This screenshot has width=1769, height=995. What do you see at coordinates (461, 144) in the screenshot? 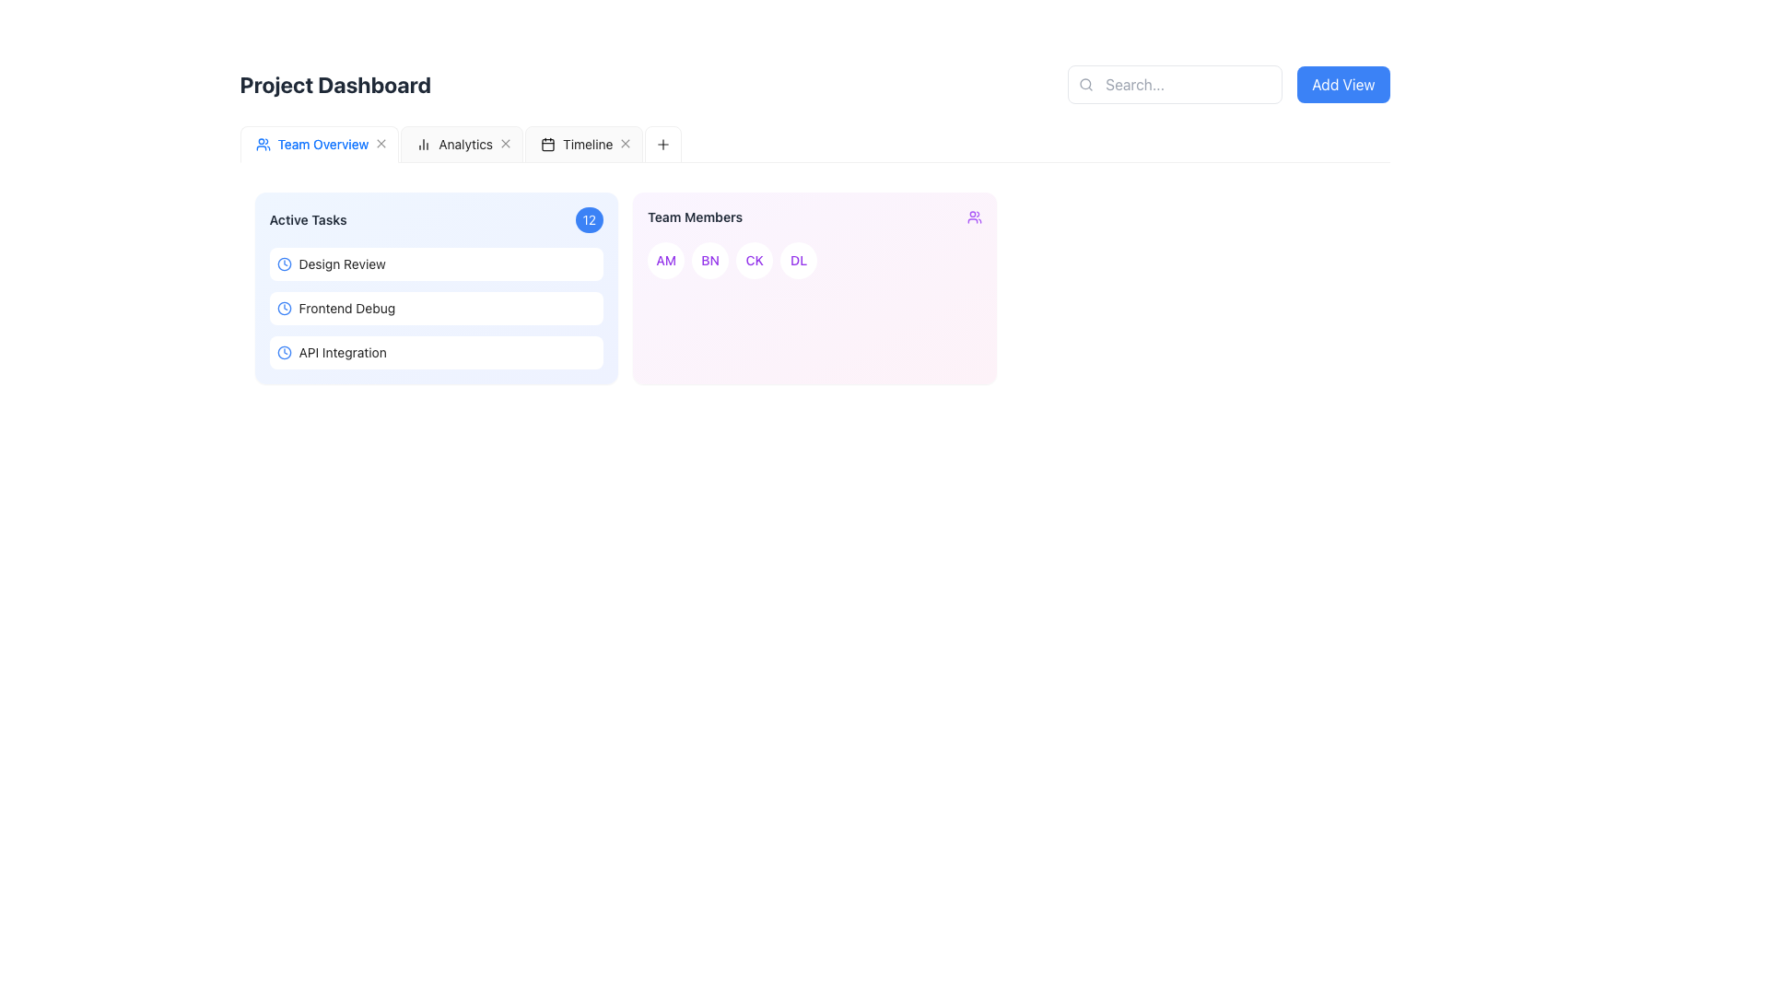
I see `the Tab Navigation element located at the top center of the interface to switch sections` at bounding box center [461, 144].